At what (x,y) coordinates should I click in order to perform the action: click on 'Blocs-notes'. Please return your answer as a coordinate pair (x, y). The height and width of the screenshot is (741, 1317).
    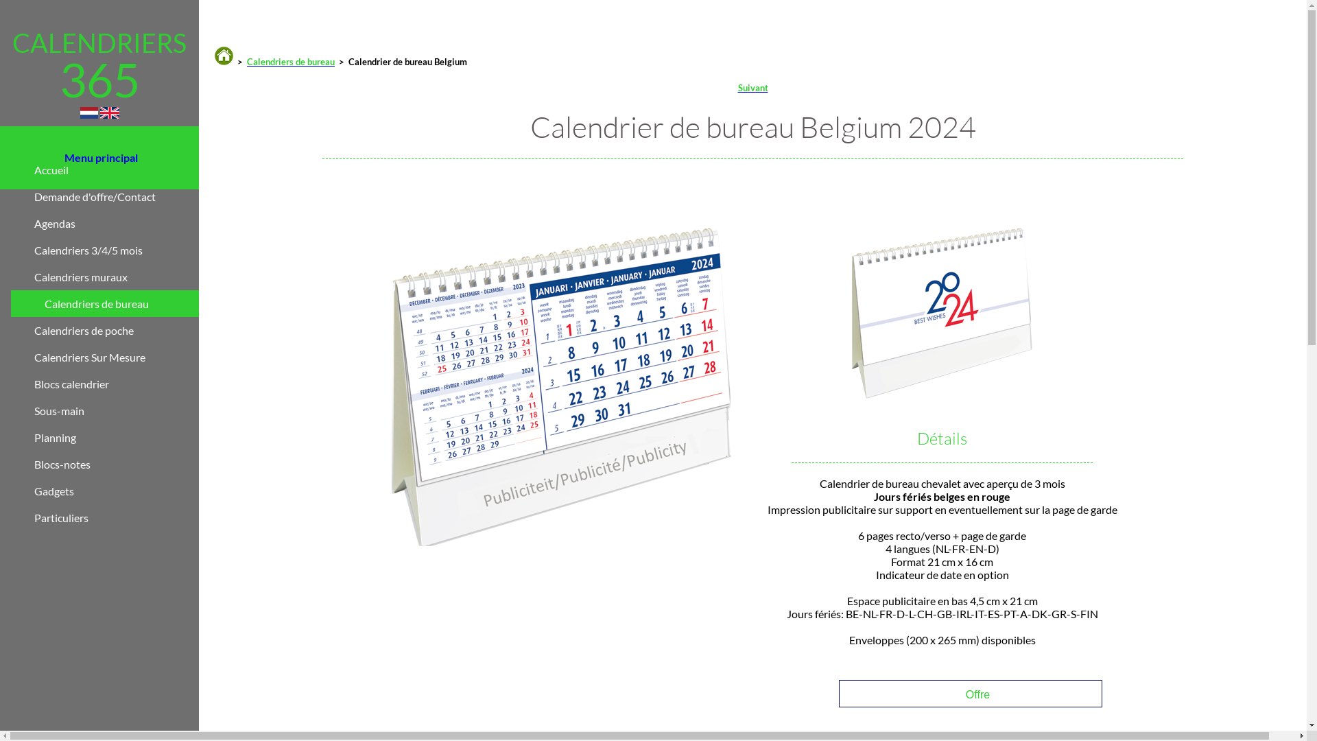
    Looking at the image, I should click on (10, 463).